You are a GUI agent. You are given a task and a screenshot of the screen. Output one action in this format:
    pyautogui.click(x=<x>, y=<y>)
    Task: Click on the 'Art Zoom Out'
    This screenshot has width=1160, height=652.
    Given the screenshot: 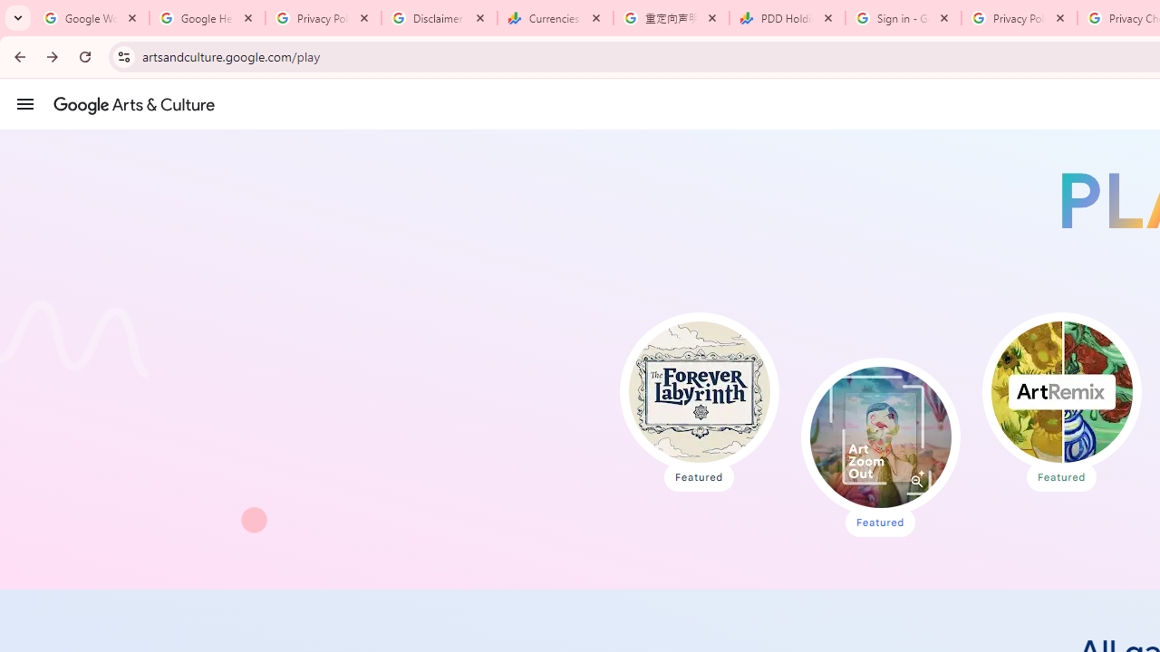 What is the action you would take?
    pyautogui.click(x=880, y=437)
    